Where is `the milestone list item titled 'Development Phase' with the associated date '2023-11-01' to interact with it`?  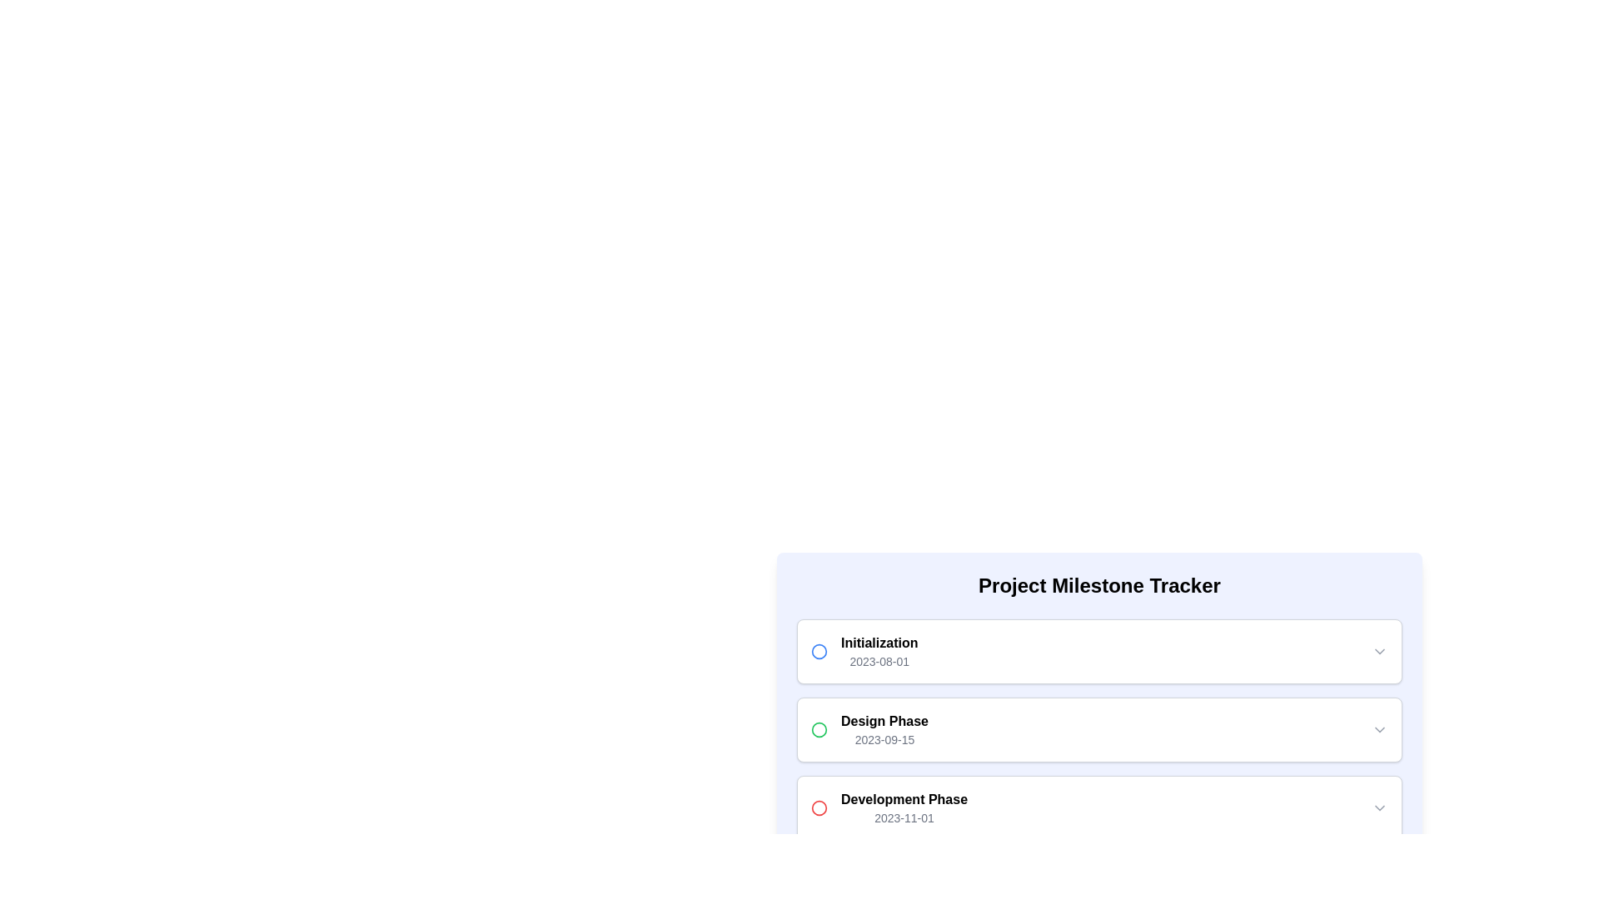 the milestone list item titled 'Development Phase' with the associated date '2023-11-01' to interact with it is located at coordinates (889, 807).